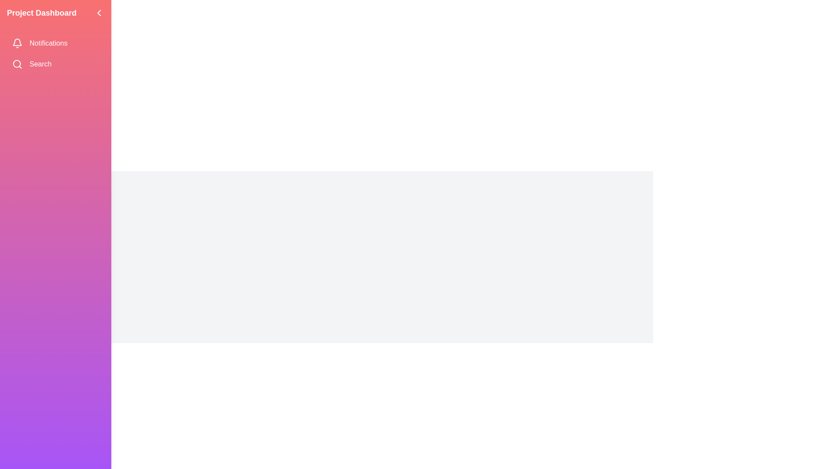 This screenshot has width=835, height=469. What do you see at coordinates (99, 13) in the screenshot?
I see `the toggle button to close the drawer` at bounding box center [99, 13].